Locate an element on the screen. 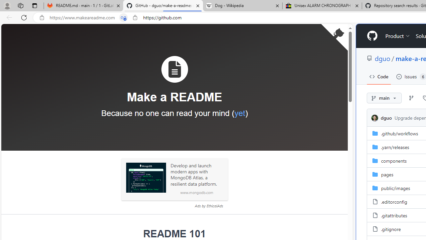 The width and height of the screenshot is (426, 240). 'Ads by EthicalAds' is located at coordinates (208, 205).